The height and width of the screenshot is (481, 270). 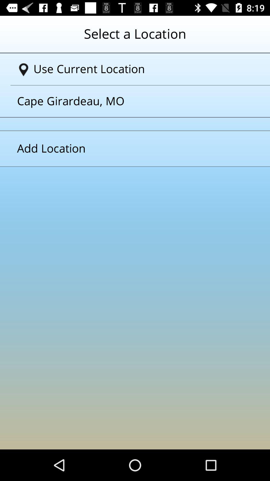 What do you see at coordinates (135, 37) in the screenshot?
I see `the text which is at the top` at bounding box center [135, 37].